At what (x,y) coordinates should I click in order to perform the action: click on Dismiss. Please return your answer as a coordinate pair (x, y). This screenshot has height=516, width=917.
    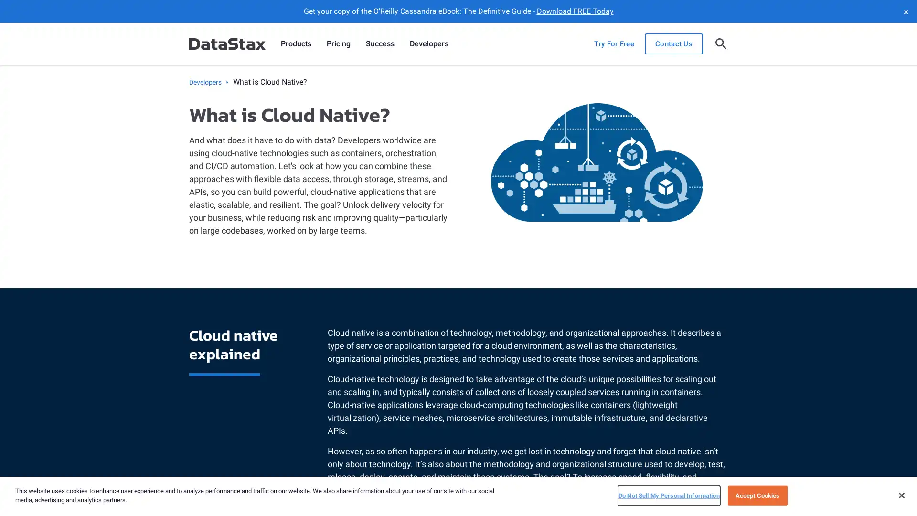
    Looking at the image, I should click on (905, 11).